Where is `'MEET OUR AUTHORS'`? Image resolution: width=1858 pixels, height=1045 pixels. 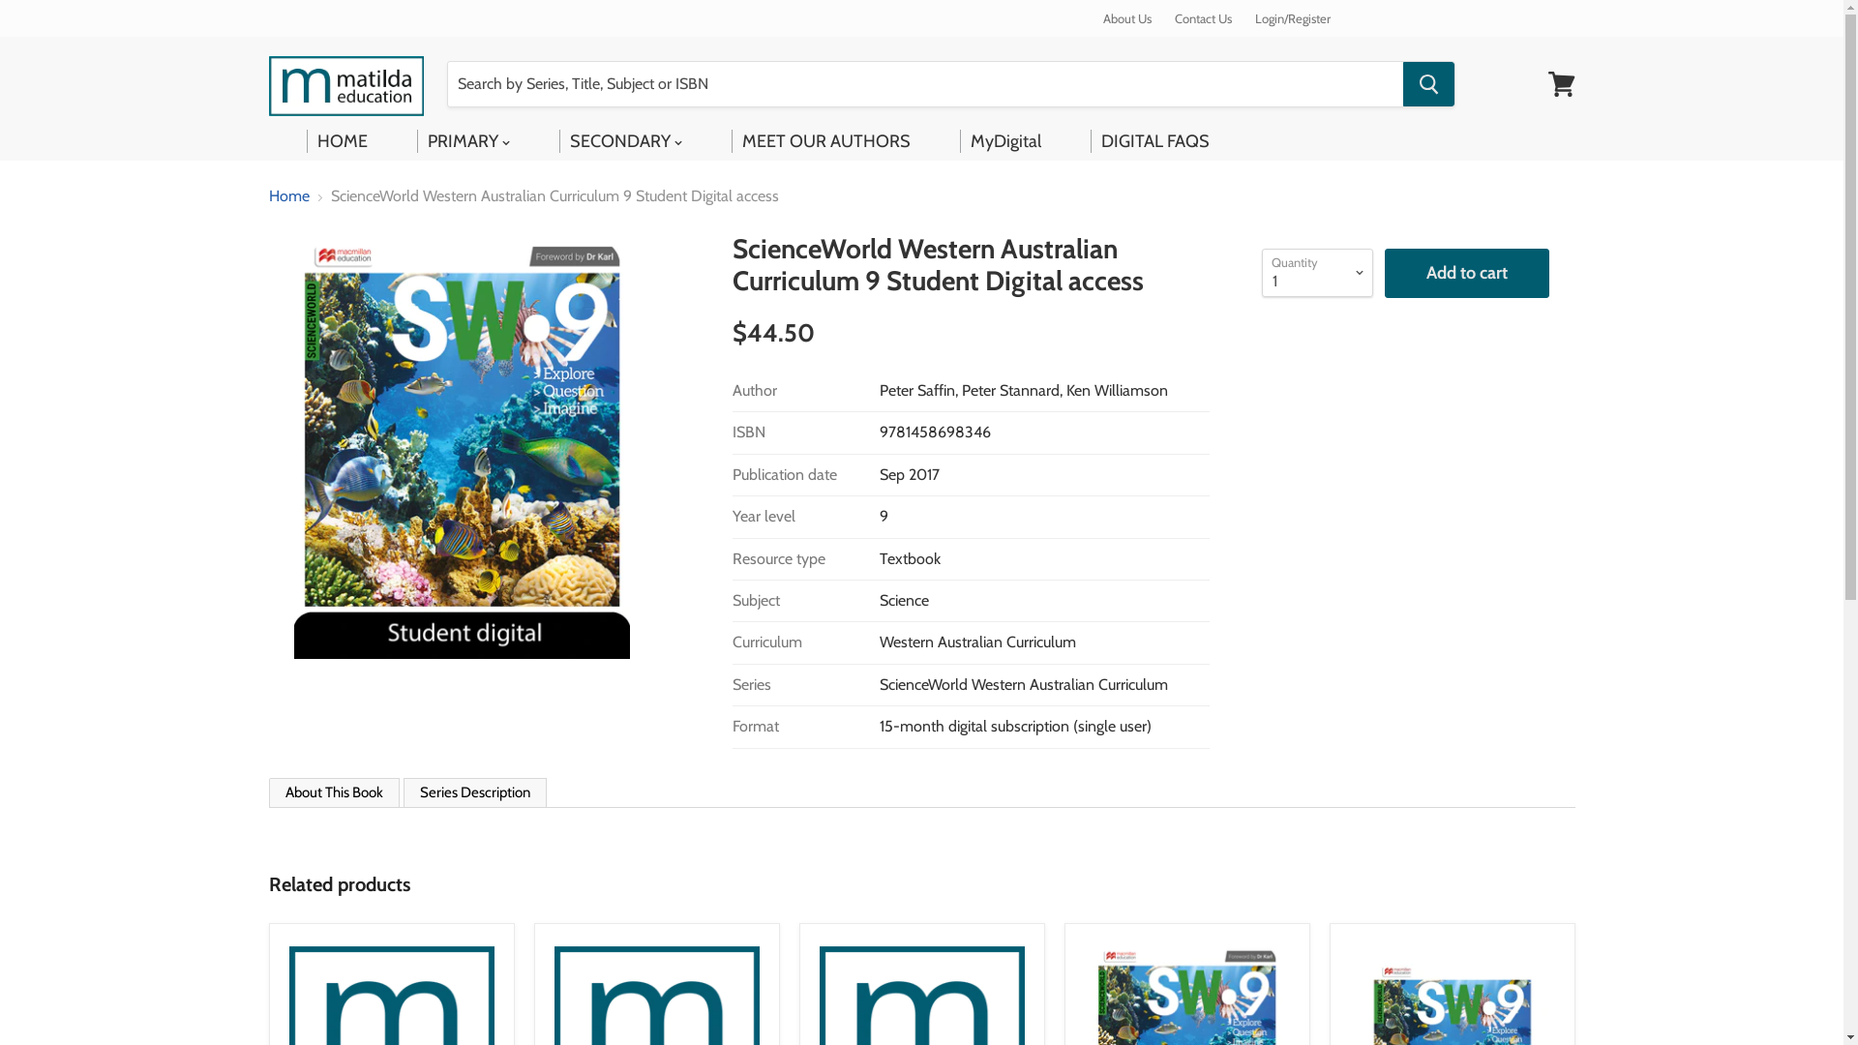
'MEET OUR AUTHORS' is located at coordinates (827, 140).